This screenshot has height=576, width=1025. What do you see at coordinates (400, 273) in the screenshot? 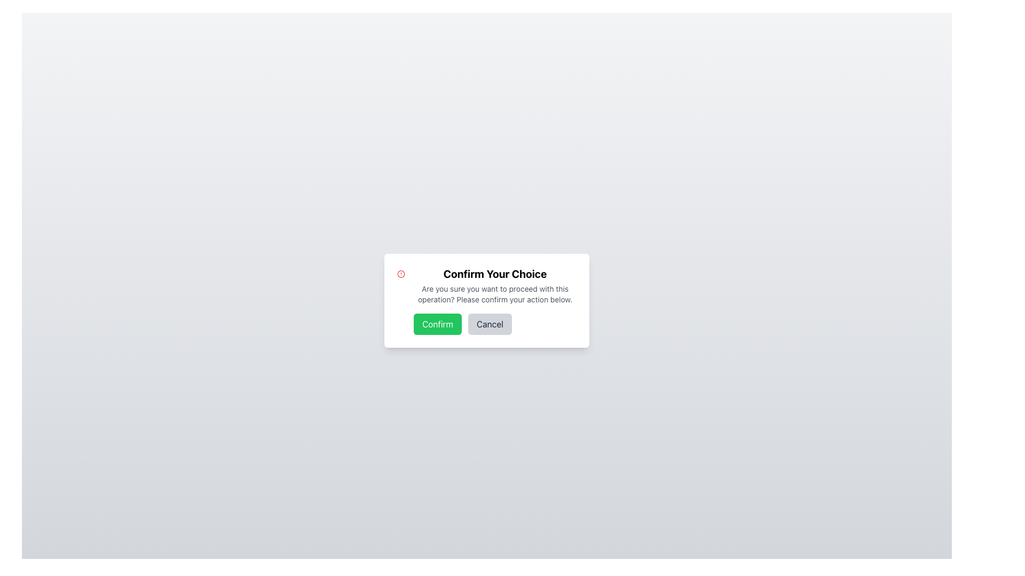
I see `the red circular shape within the alert SVG icon located at the top-left of the modal dialog box` at bounding box center [400, 273].